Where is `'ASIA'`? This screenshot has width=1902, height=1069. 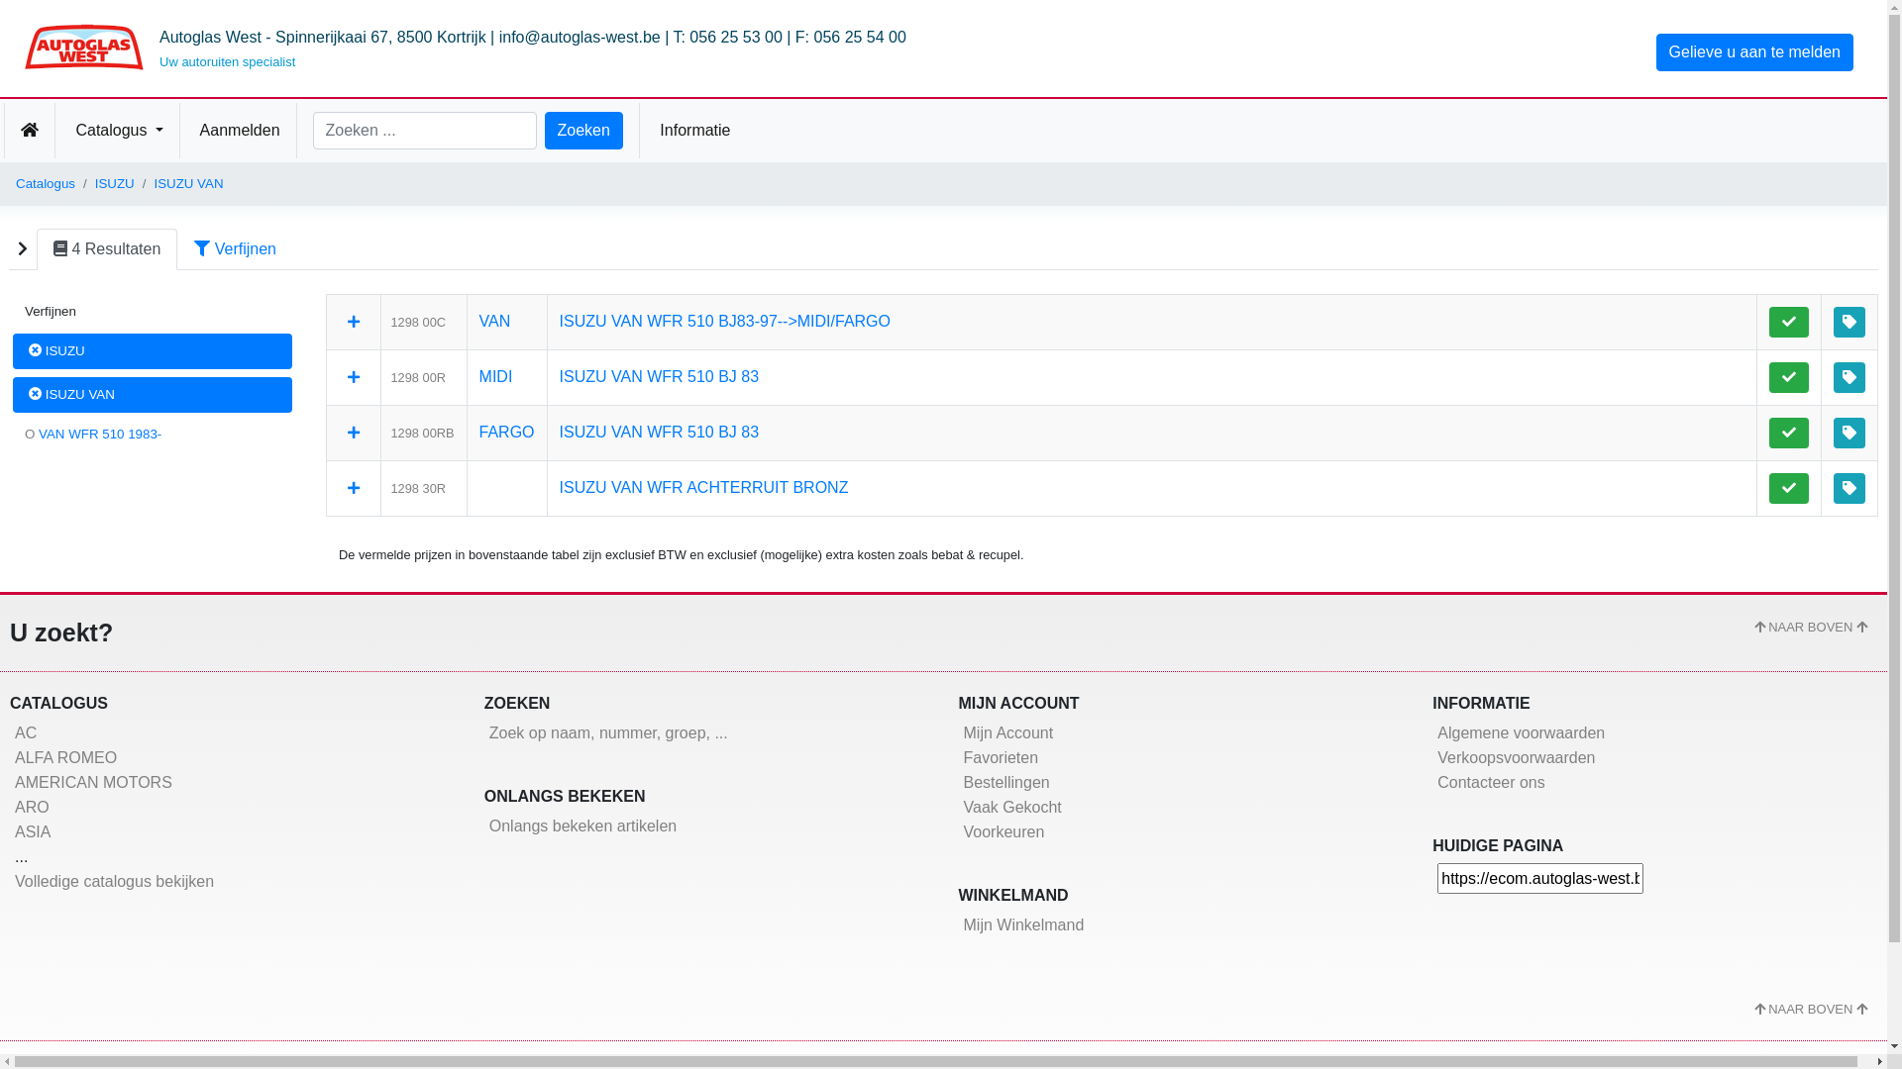 'ASIA' is located at coordinates (33, 831).